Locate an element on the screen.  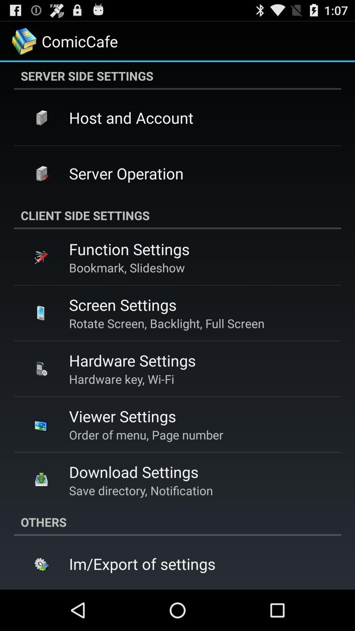
save directory, notification app is located at coordinates (140, 490).